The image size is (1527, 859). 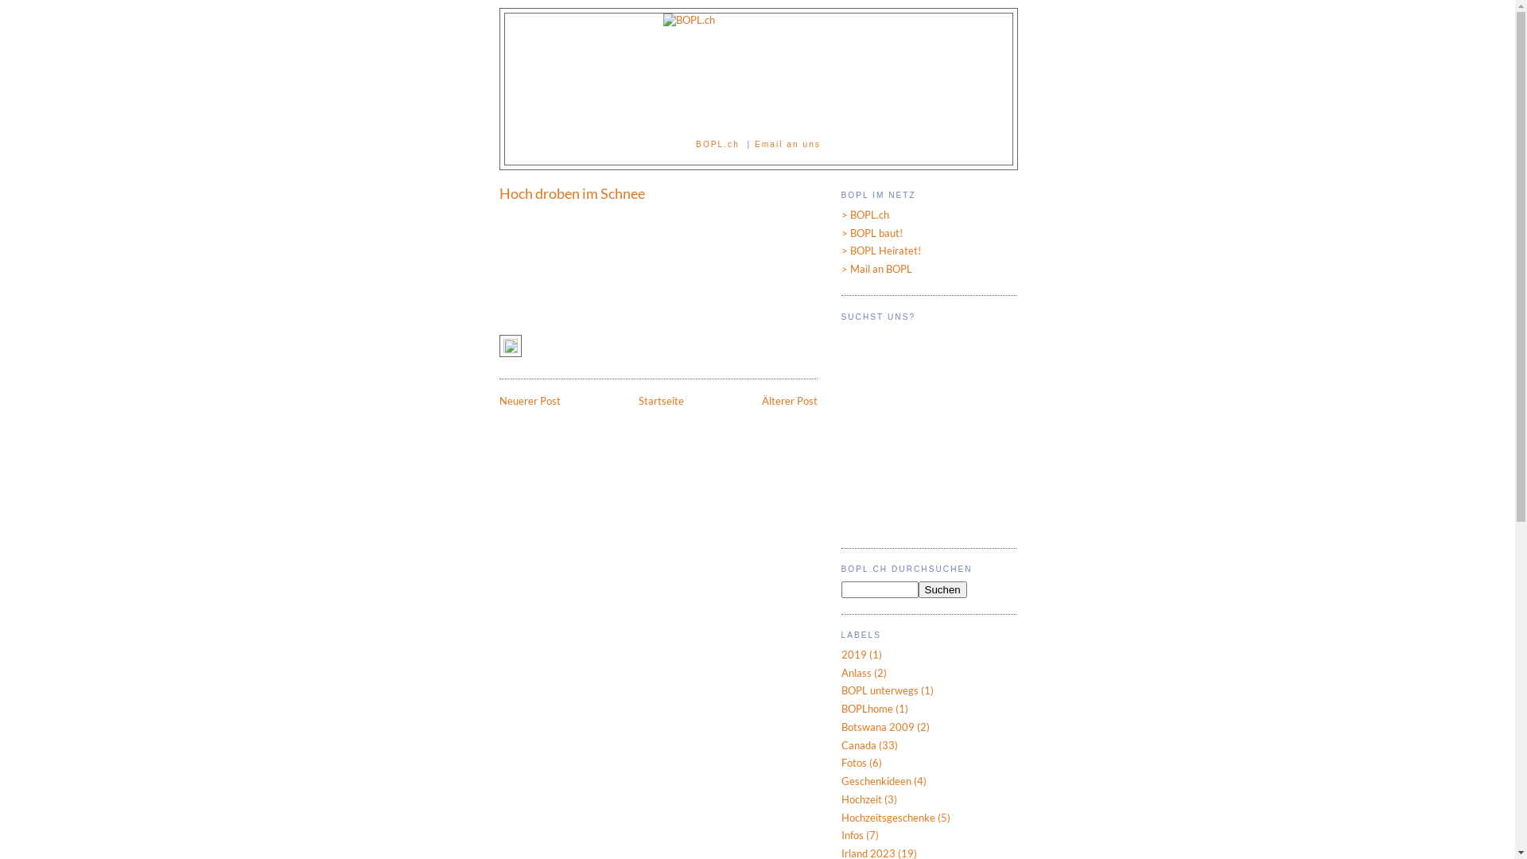 What do you see at coordinates (879, 689) in the screenshot?
I see `'BOPL unterwegs'` at bounding box center [879, 689].